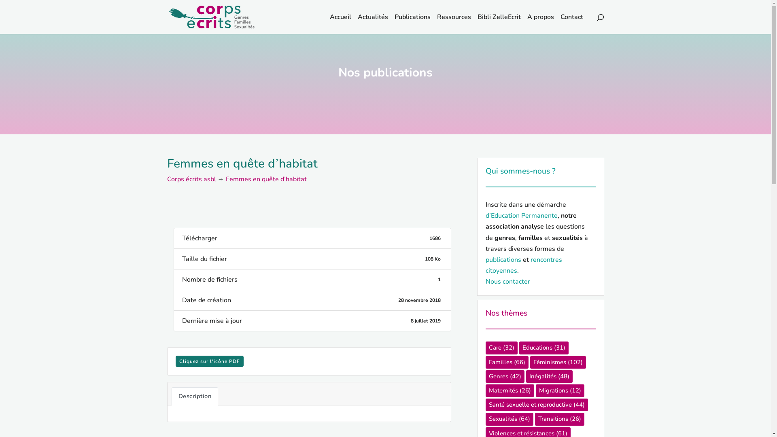  I want to click on 'Familles (66)', so click(486, 362).